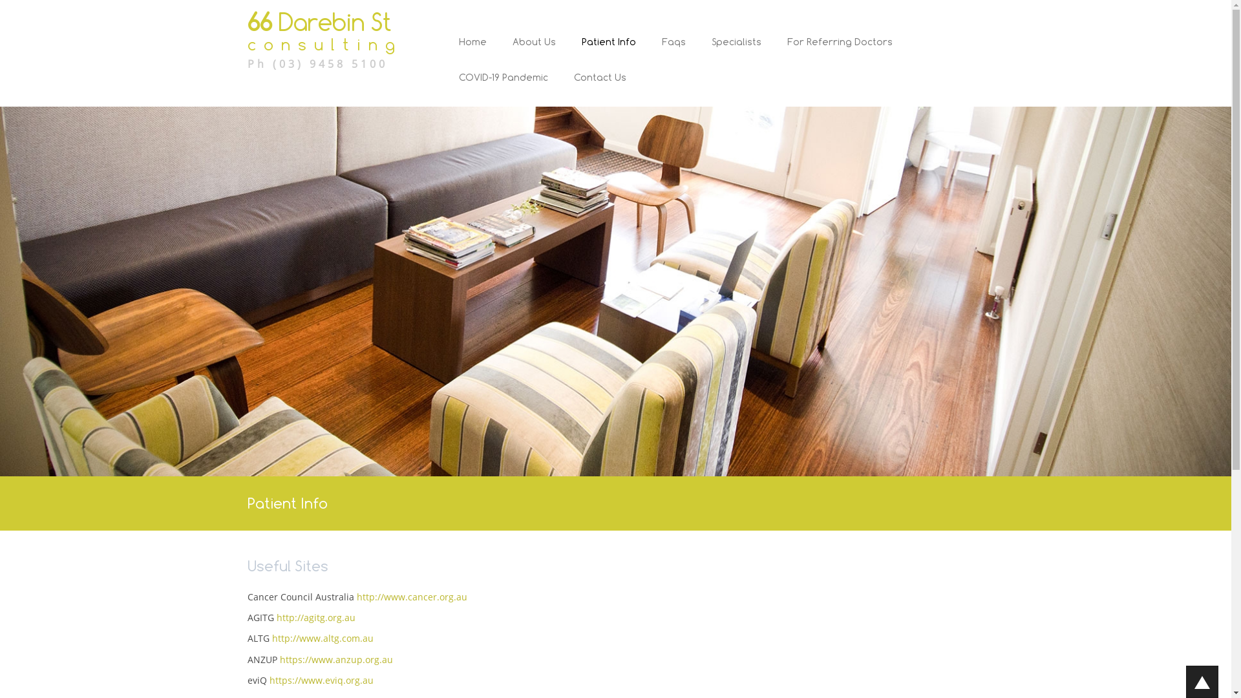  What do you see at coordinates (322, 637) in the screenshot?
I see `'http://www.altg.com.au'` at bounding box center [322, 637].